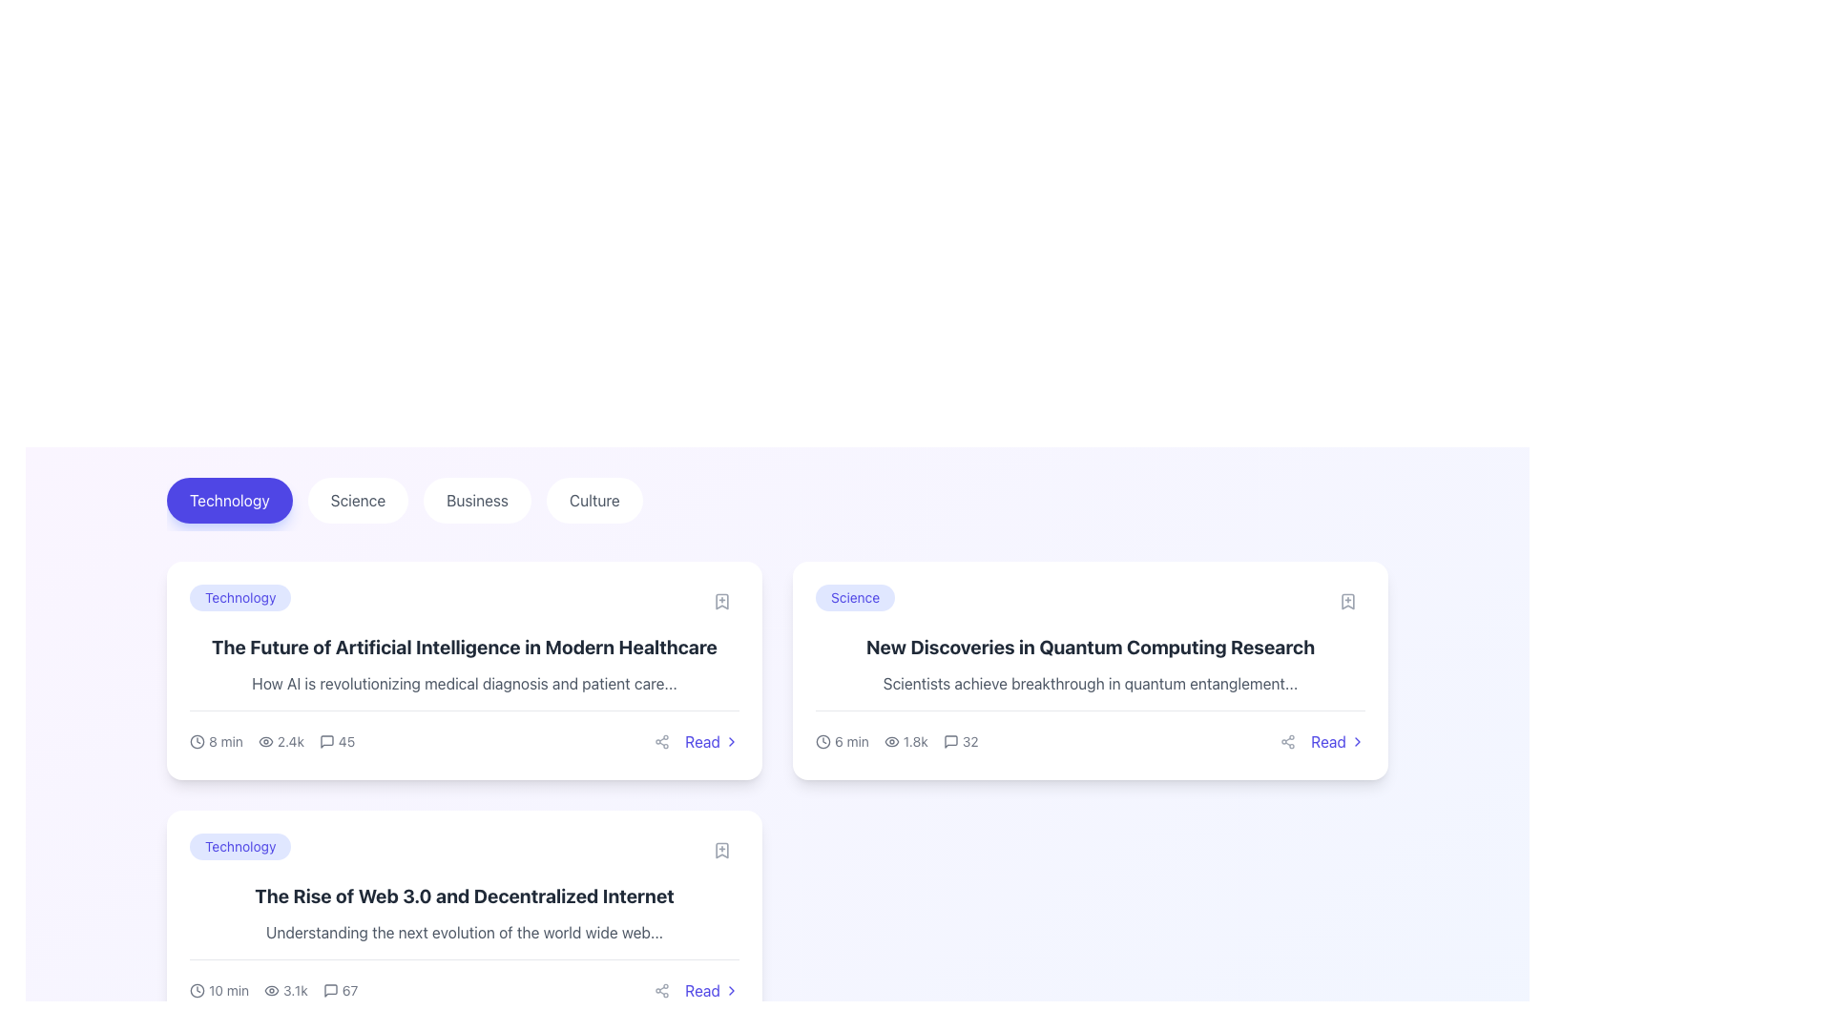 The height and width of the screenshot is (1030, 1832). Describe the element at coordinates (464, 646) in the screenshot. I see `headline text 'The Future of Artificial Intelligence in Modern Healthcare', which is styled as a bold hyperlink and located in the upper section of the first card under the 'Technology' category` at that location.